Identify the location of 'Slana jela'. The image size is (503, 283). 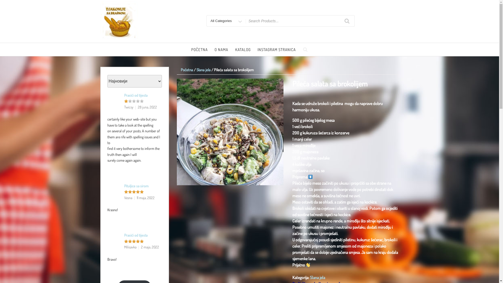
(203, 69).